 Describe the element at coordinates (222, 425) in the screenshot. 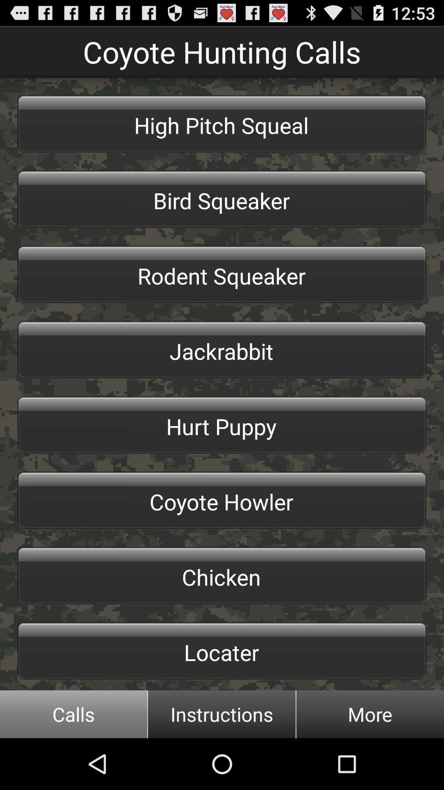

I see `the hurt puppy item` at that location.